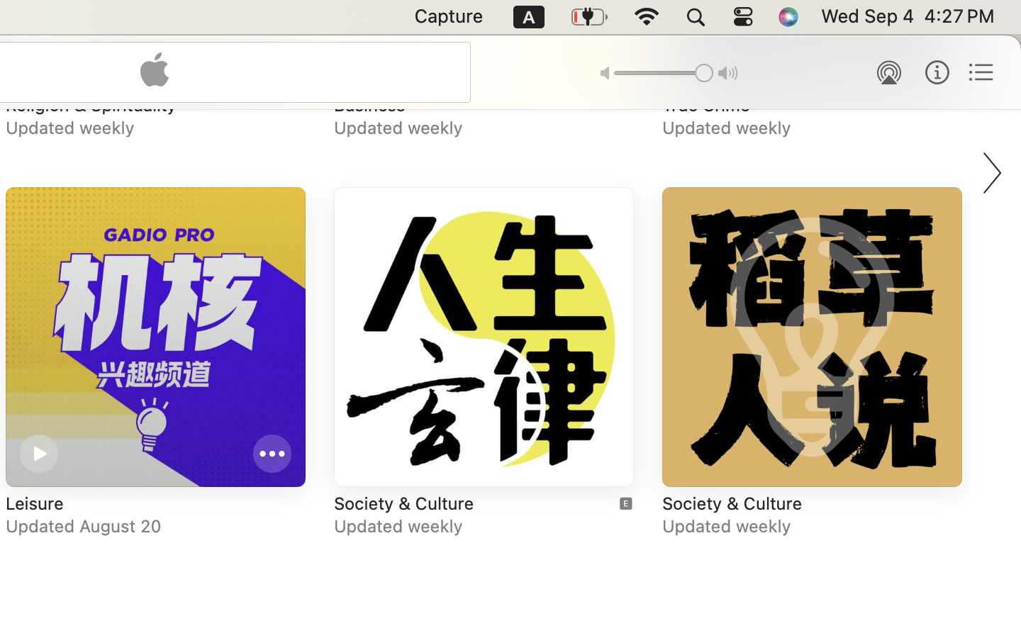  Describe the element at coordinates (664, 72) in the screenshot. I see `'1.0'` at that location.